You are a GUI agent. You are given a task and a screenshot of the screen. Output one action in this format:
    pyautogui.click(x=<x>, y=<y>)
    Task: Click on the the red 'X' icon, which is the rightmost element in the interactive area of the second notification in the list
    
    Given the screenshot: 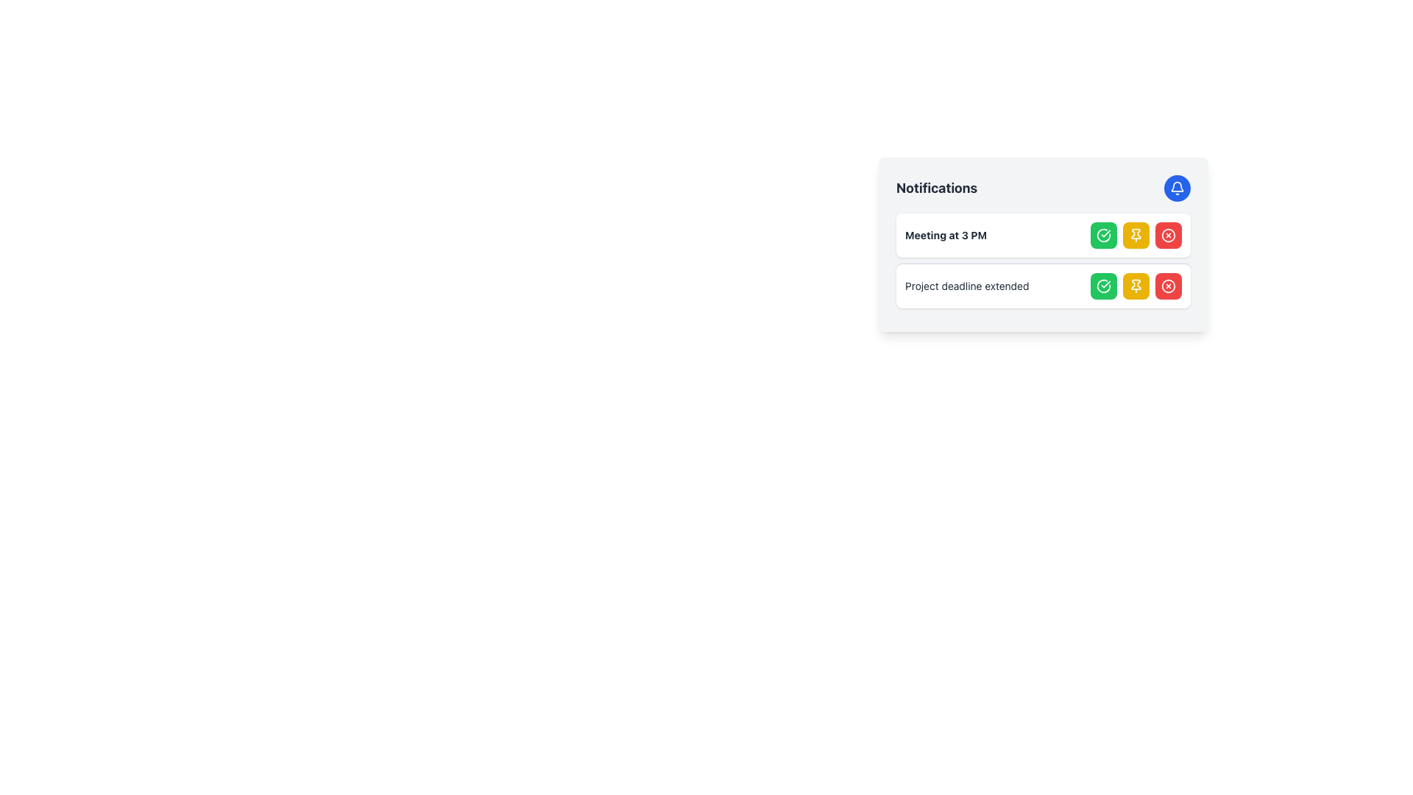 What is the action you would take?
    pyautogui.click(x=1168, y=235)
    